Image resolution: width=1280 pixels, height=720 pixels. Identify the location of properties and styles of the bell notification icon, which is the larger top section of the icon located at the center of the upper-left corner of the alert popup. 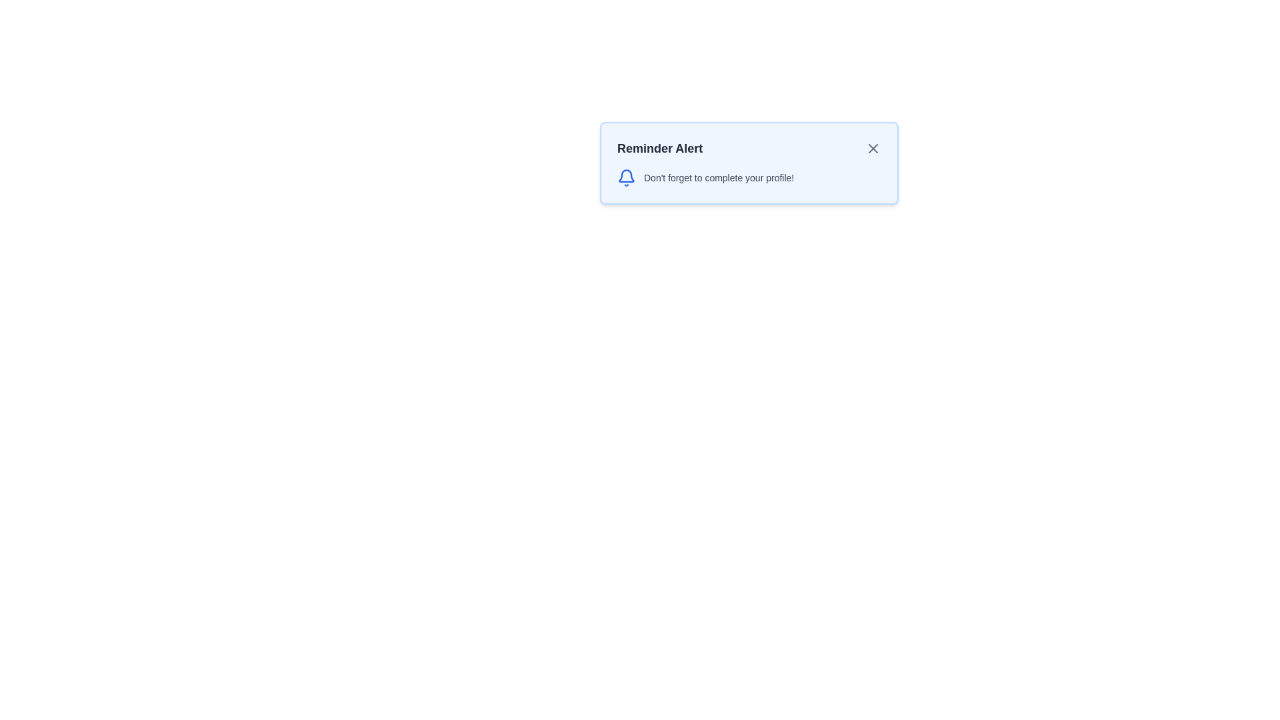
(626, 175).